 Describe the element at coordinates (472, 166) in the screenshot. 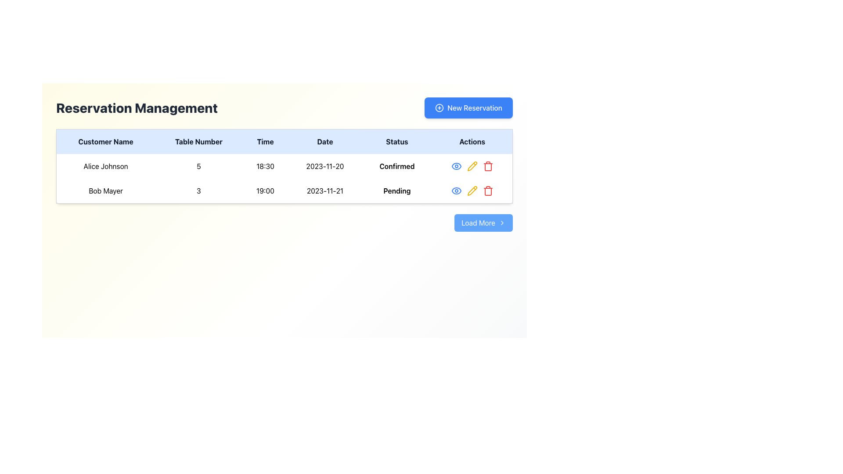

I see `the 'Edit' button located in the 'Actions' column of the first row in the table` at that location.